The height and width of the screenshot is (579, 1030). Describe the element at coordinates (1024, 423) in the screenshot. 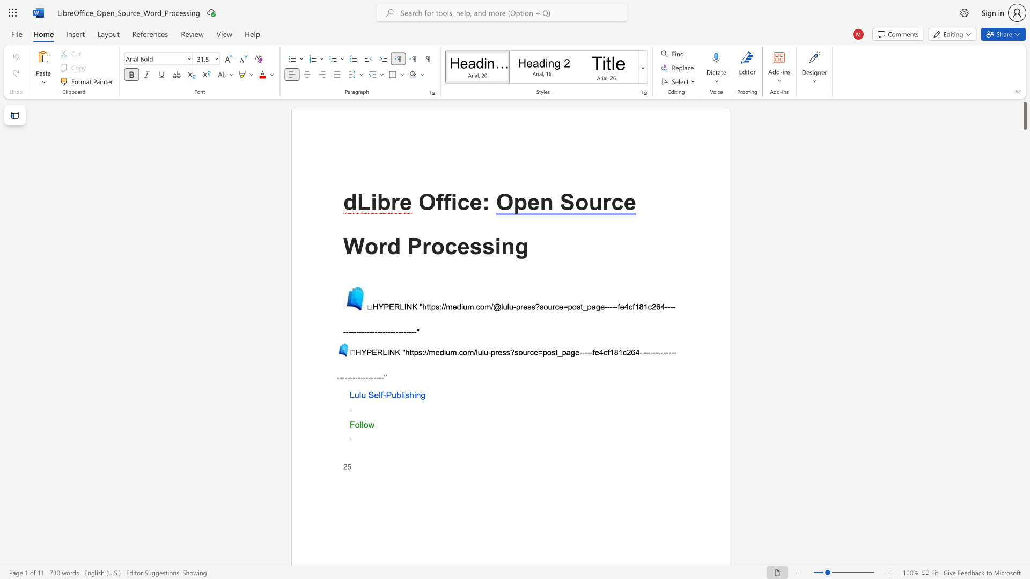

I see `the scrollbar on the right to shift the page lower` at that location.